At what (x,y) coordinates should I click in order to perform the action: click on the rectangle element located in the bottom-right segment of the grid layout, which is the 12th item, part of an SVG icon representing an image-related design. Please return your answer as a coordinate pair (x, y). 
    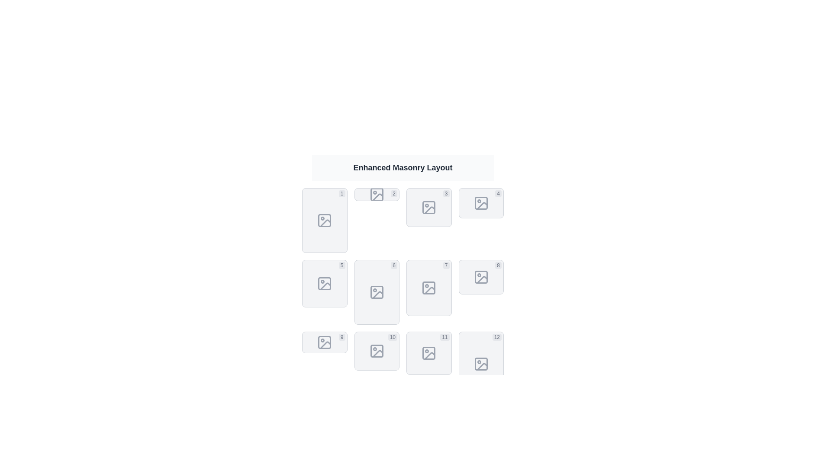
    Looking at the image, I should click on (480, 364).